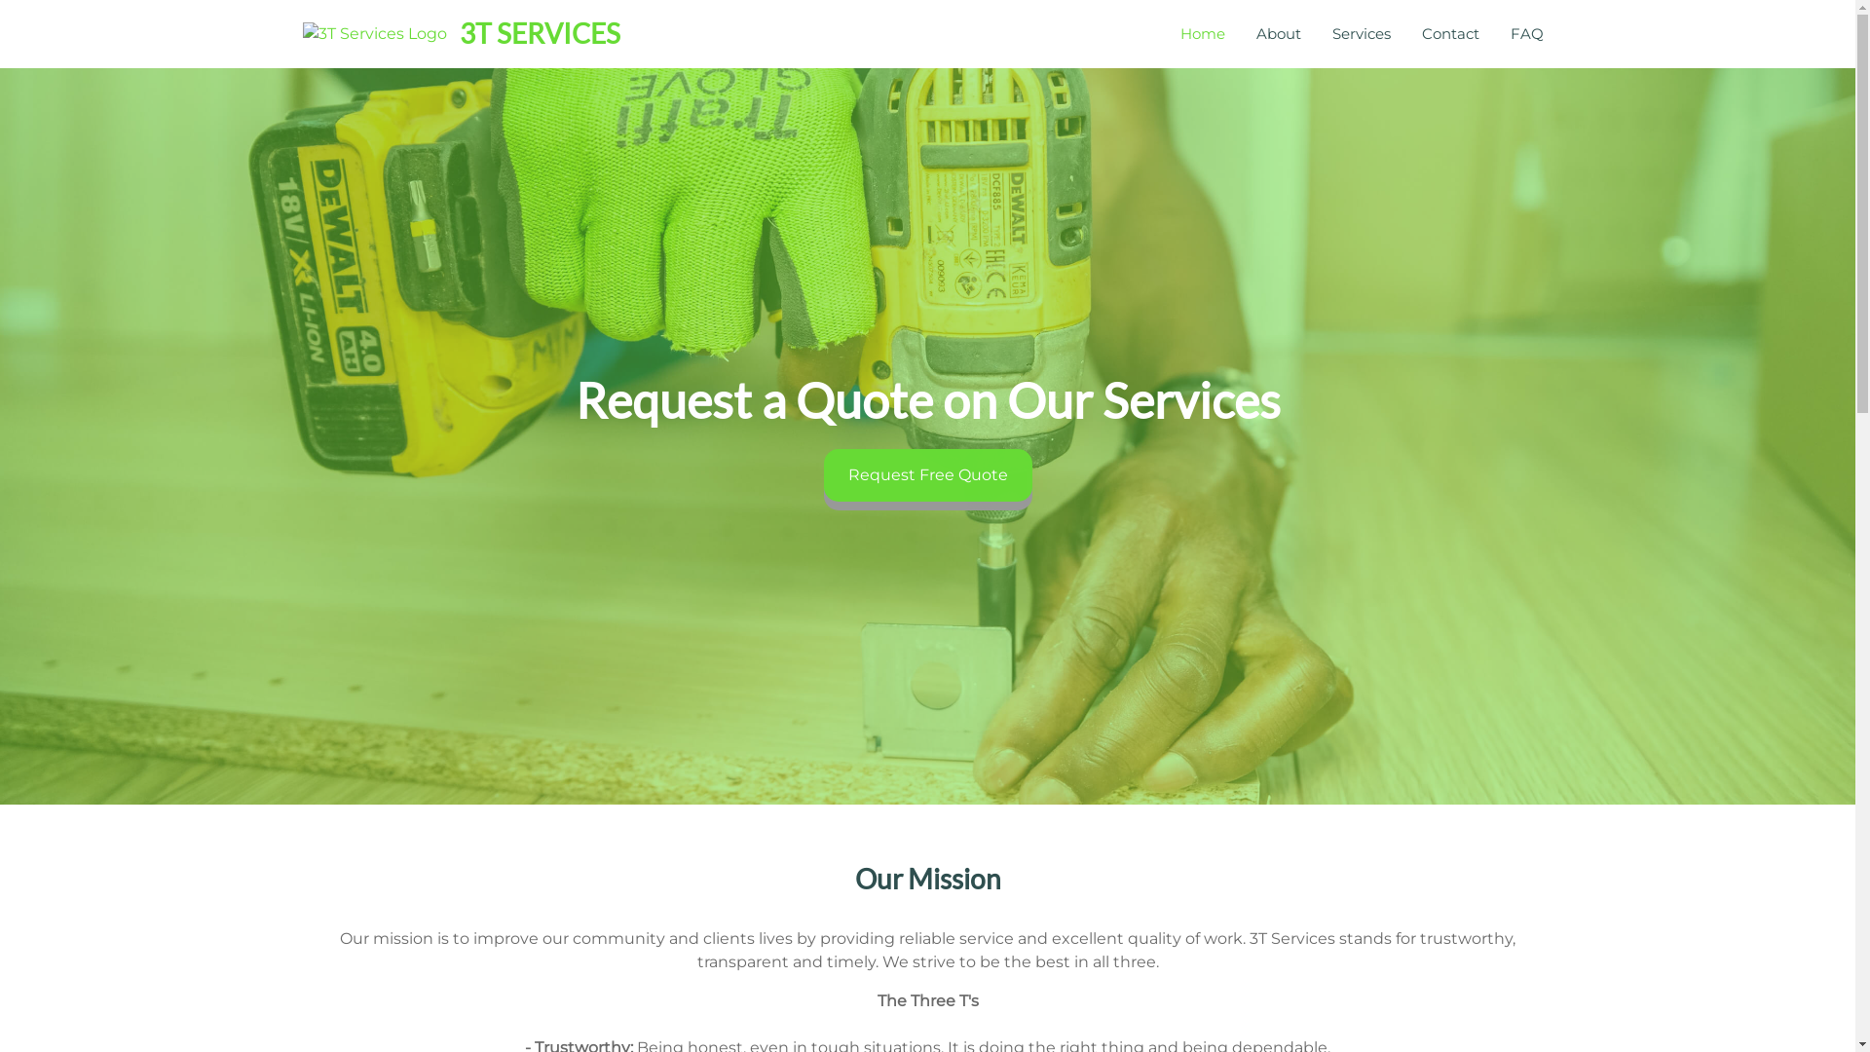 Image resolution: width=1870 pixels, height=1052 pixels. What do you see at coordinates (1201, 34) in the screenshot?
I see `'Home'` at bounding box center [1201, 34].